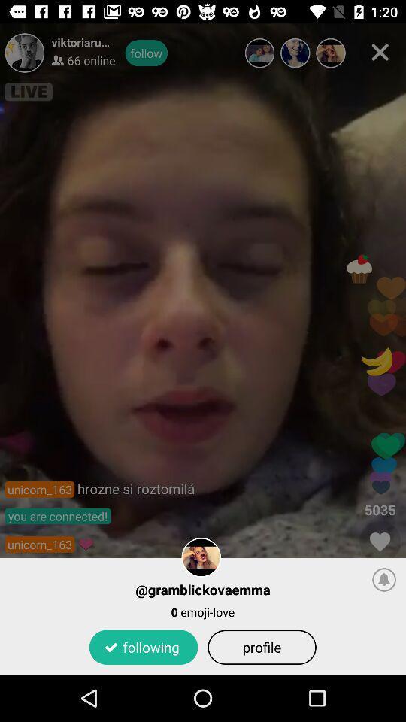  Describe the element at coordinates (203, 349) in the screenshot. I see `the icon at the center` at that location.